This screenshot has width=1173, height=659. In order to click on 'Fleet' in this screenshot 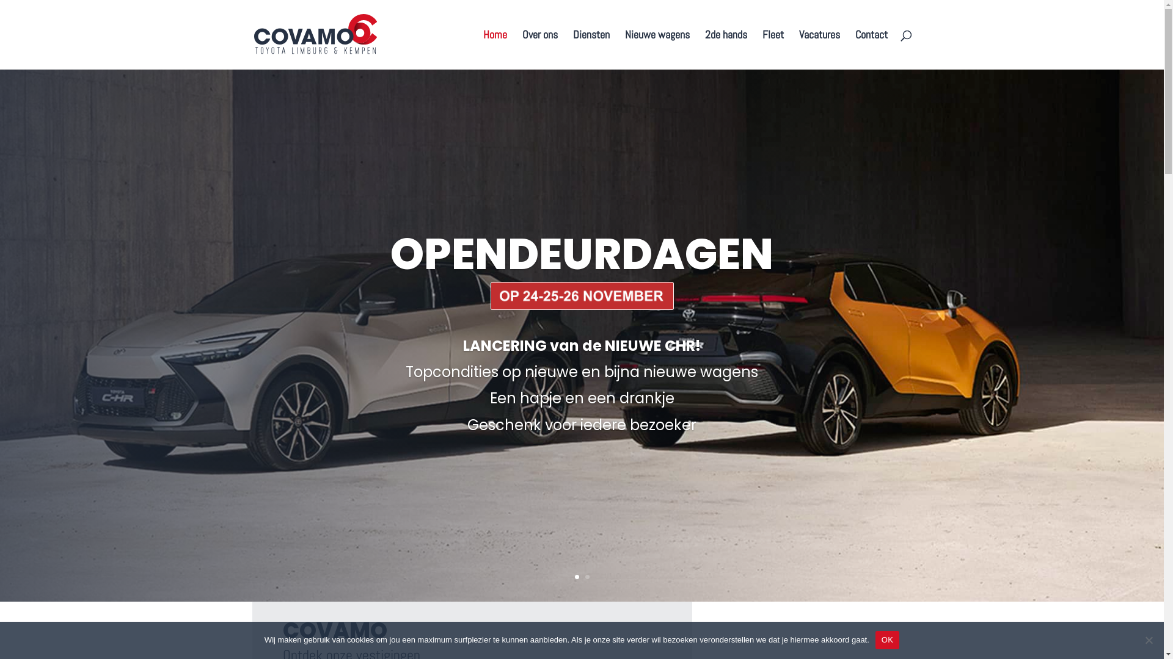, I will do `click(762, 49)`.